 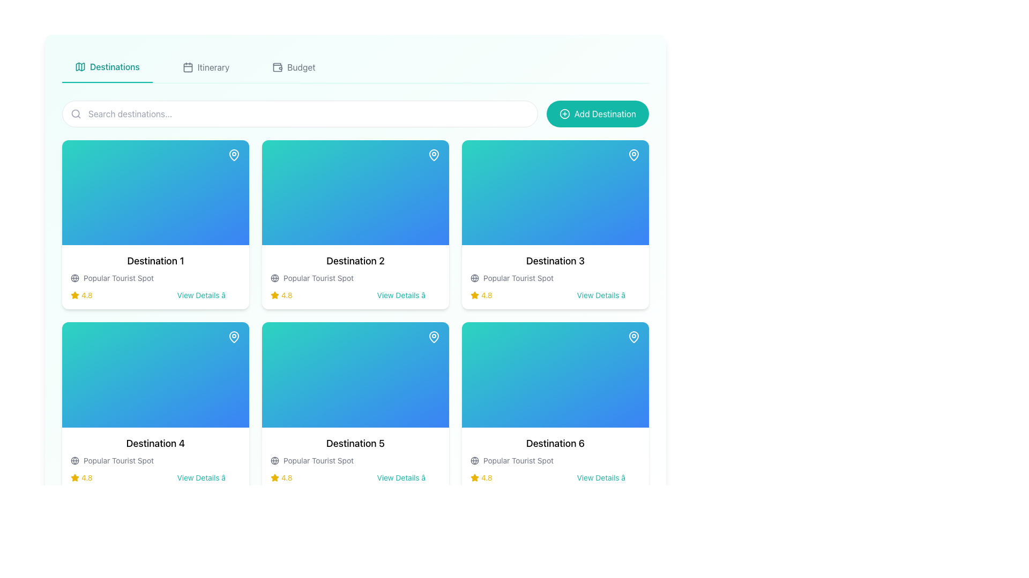 I want to click on the map pin icon located at the top-right corner of the card labeled 'Destination 3', which is a minimalist design filled with white and outlined in blue, so click(x=633, y=155).